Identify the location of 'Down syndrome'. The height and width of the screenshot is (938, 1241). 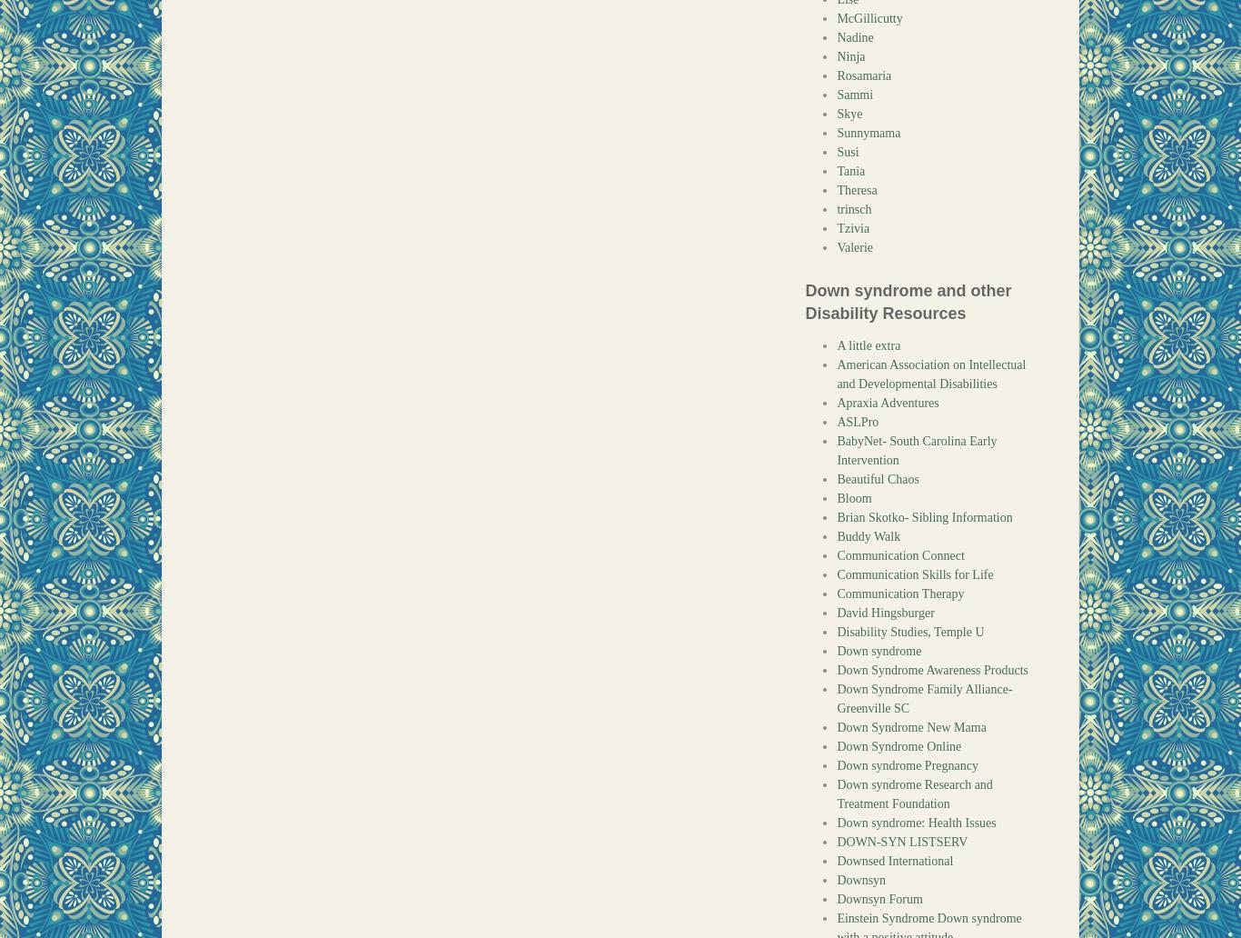
(879, 650).